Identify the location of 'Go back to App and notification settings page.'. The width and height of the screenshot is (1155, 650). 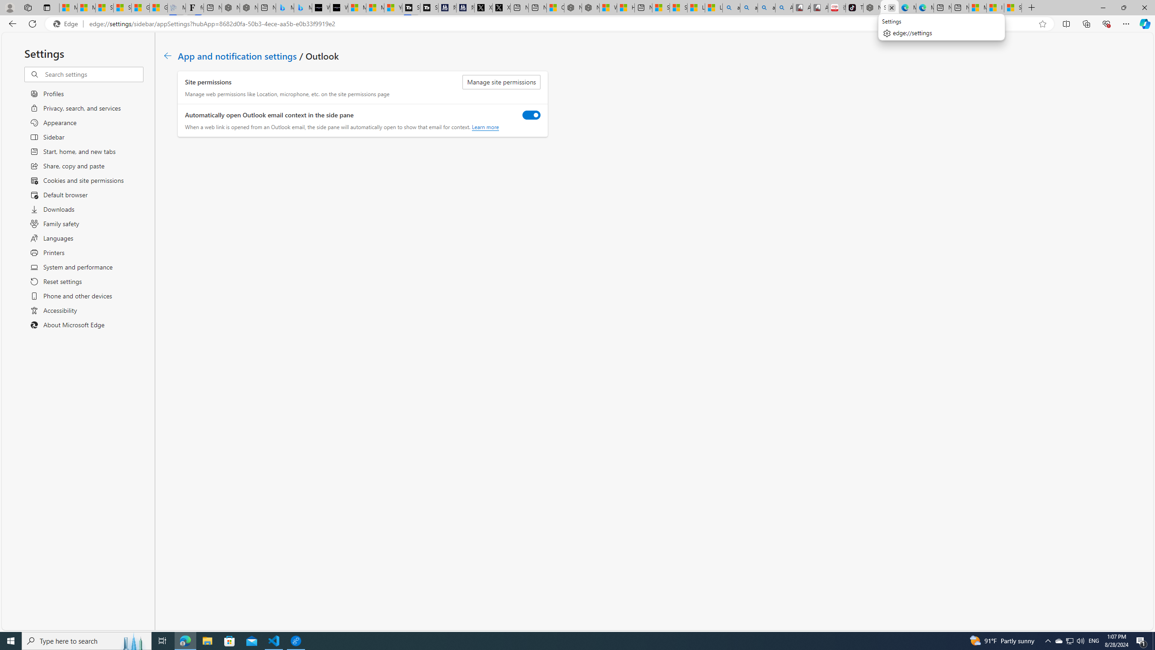
(167, 56).